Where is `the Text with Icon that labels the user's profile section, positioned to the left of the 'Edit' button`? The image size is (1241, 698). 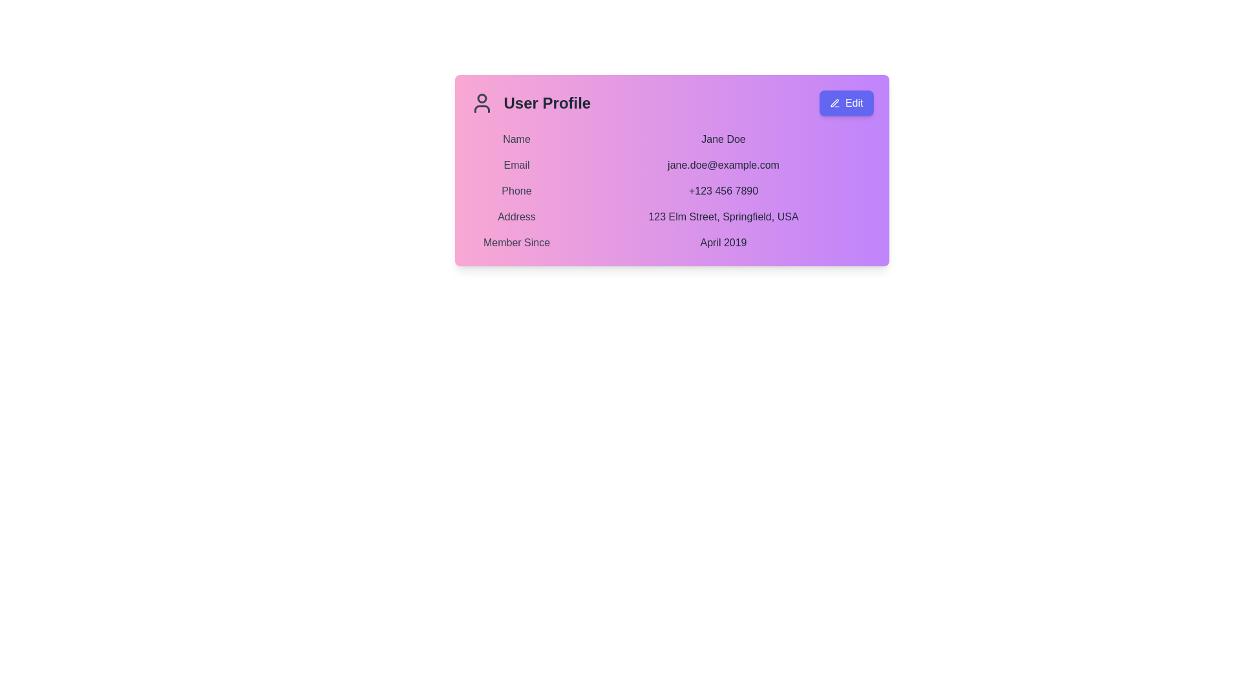 the Text with Icon that labels the user's profile section, positioned to the left of the 'Edit' button is located at coordinates (530, 102).